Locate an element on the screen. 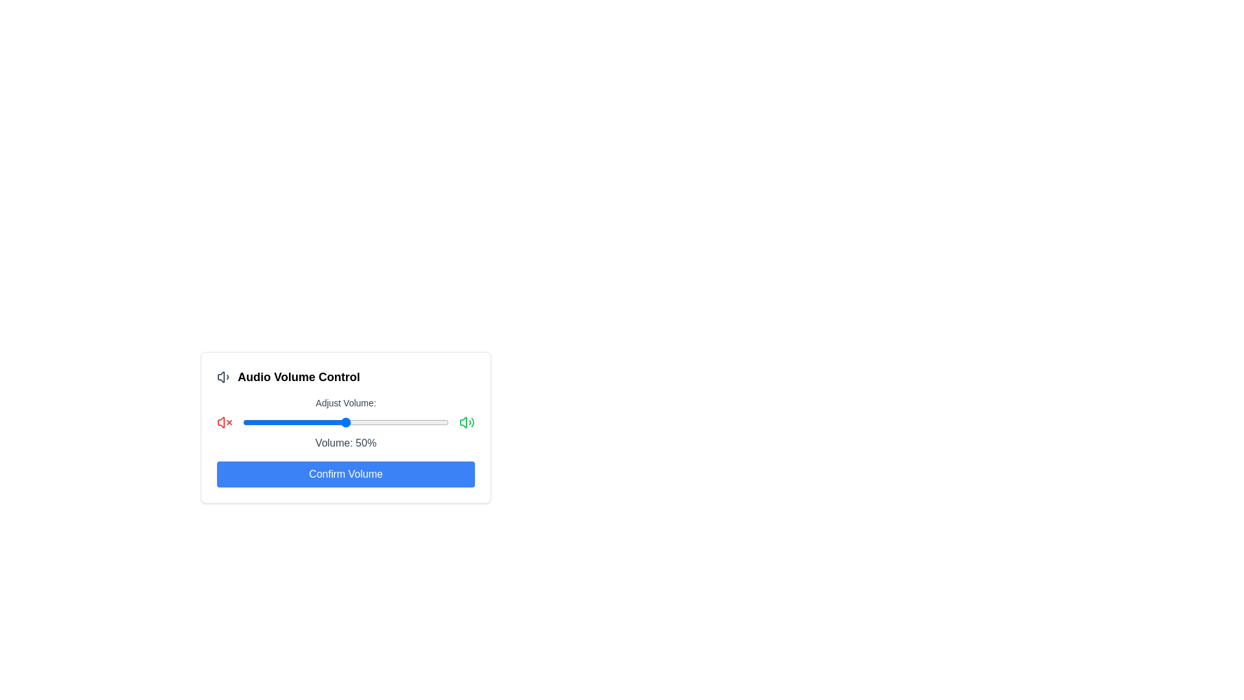  the volume slider to 97% is located at coordinates (443, 422).